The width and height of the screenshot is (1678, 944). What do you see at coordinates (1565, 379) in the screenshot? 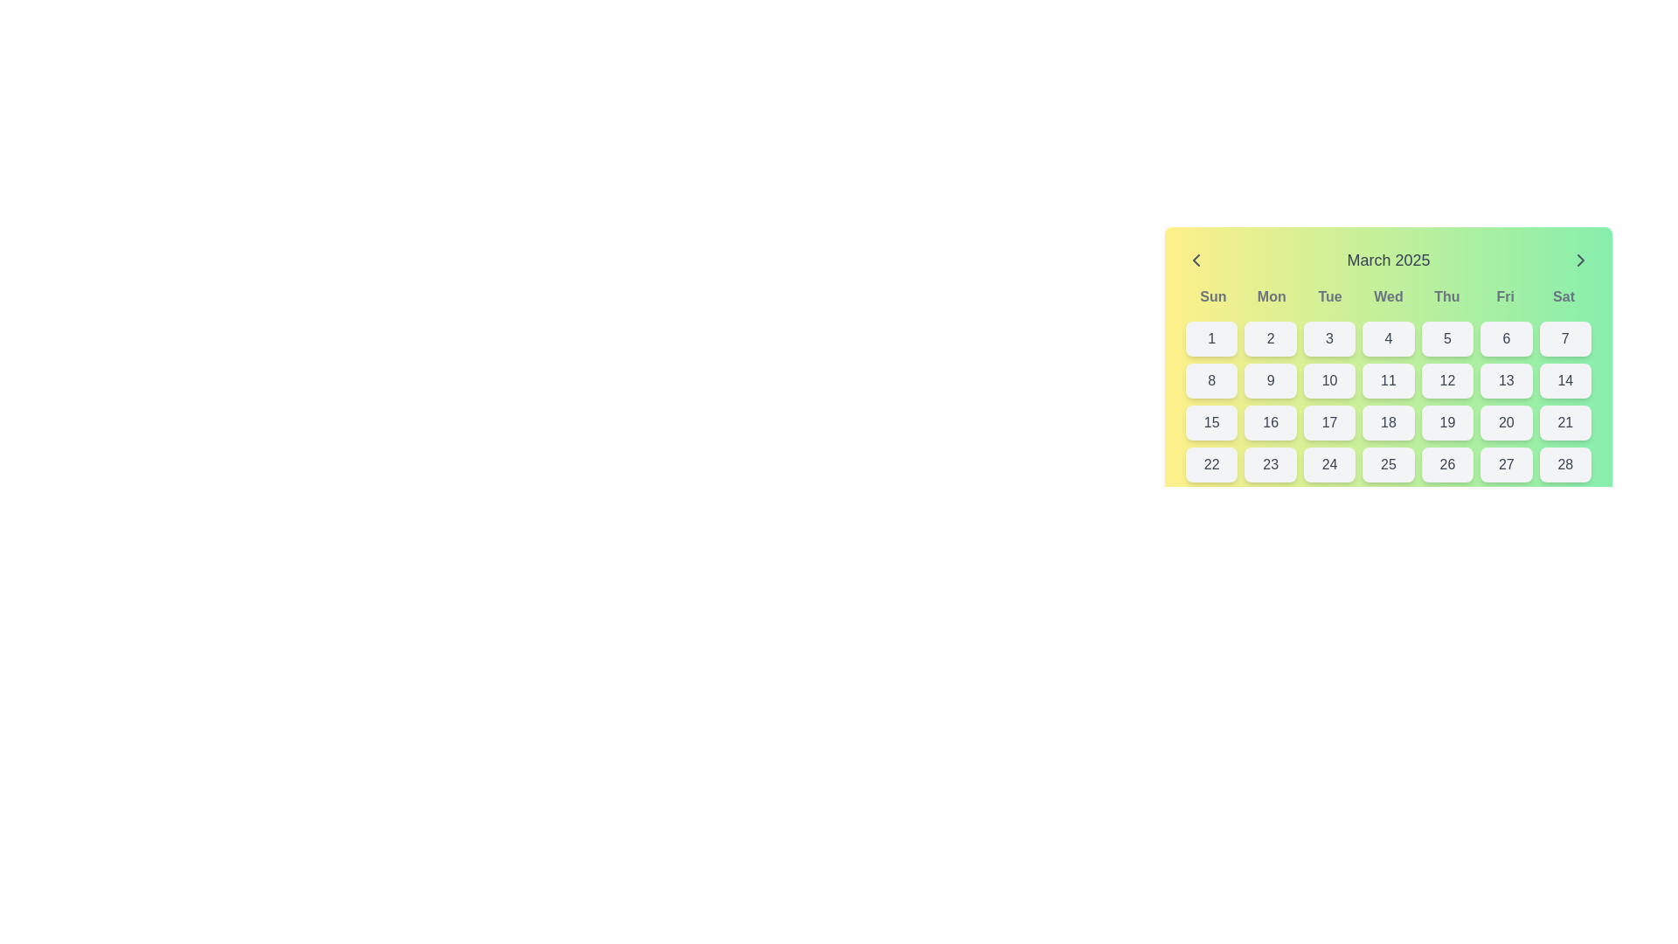
I see `the square button with rounded corners labeled '14' in bold dark text, located in the second row and seventh column of the calendar interface under 'March 2025'` at bounding box center [1565, 379].